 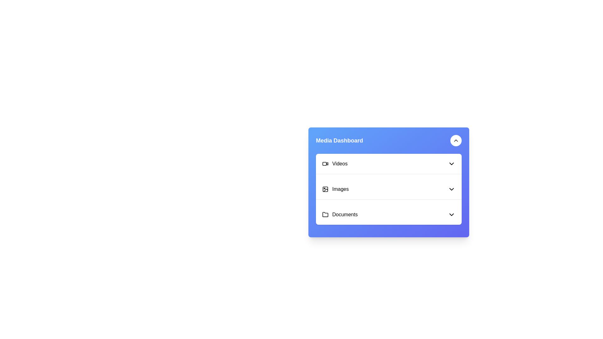 What do you see at coordinates (388, 163) in the screenshot?
I see `the 'Videos' dropdown list item with an expandable toggle located under the 'Media Dashboard' title` at bounding box center [388, 163].